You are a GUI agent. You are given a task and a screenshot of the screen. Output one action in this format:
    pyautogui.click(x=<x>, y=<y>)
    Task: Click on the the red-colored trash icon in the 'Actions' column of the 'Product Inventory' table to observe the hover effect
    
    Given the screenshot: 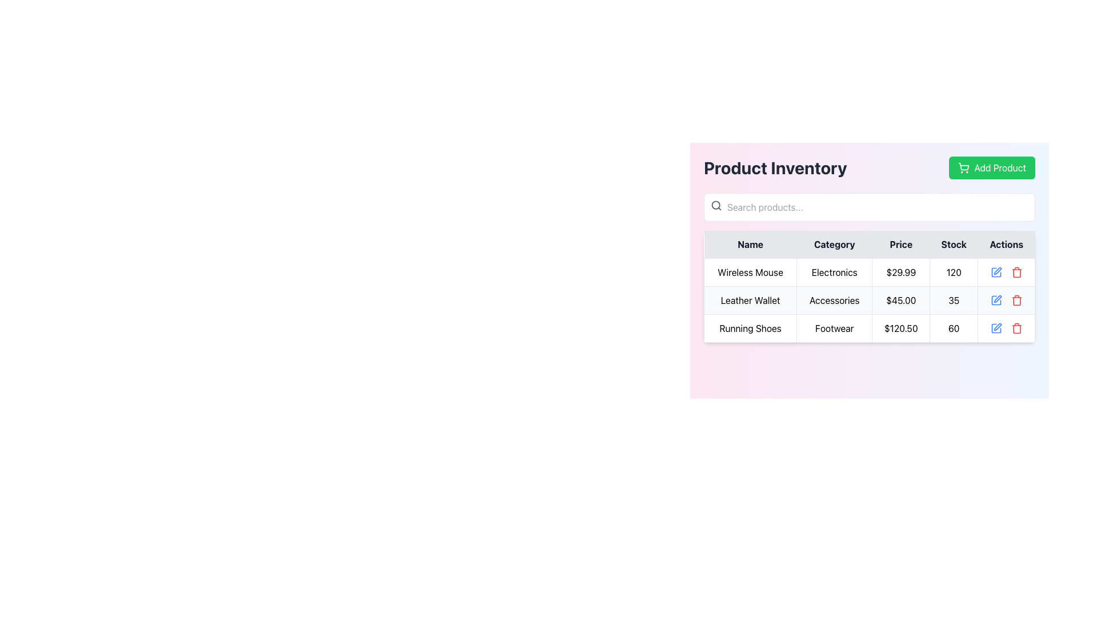 What is the action you would take?
    pyautogui.click(x=1016, y=328)
    